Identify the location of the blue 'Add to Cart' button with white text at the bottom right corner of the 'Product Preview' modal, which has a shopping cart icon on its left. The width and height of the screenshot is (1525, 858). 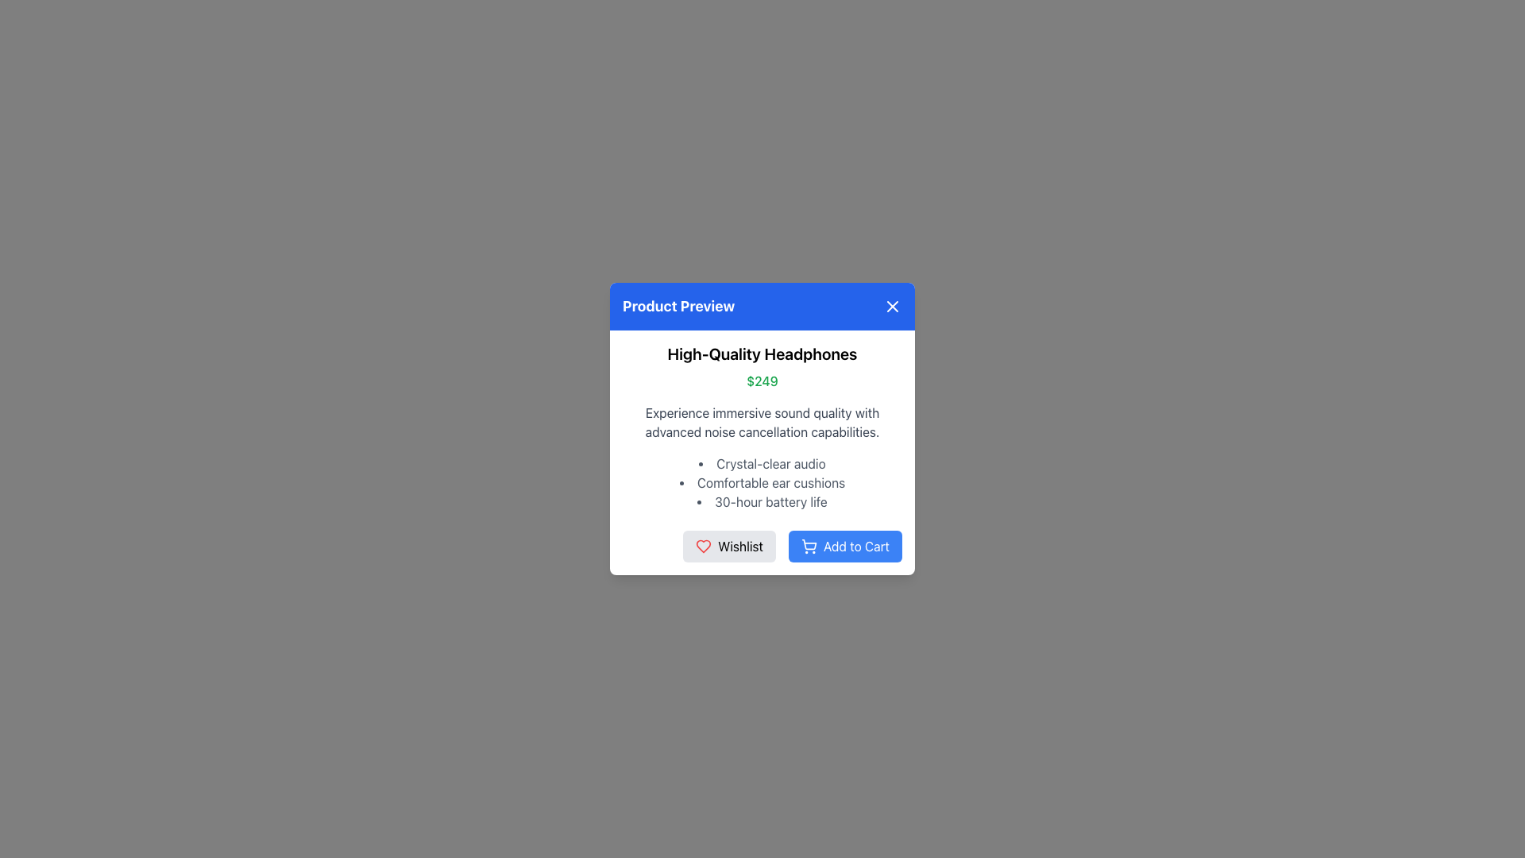
(844, 545).